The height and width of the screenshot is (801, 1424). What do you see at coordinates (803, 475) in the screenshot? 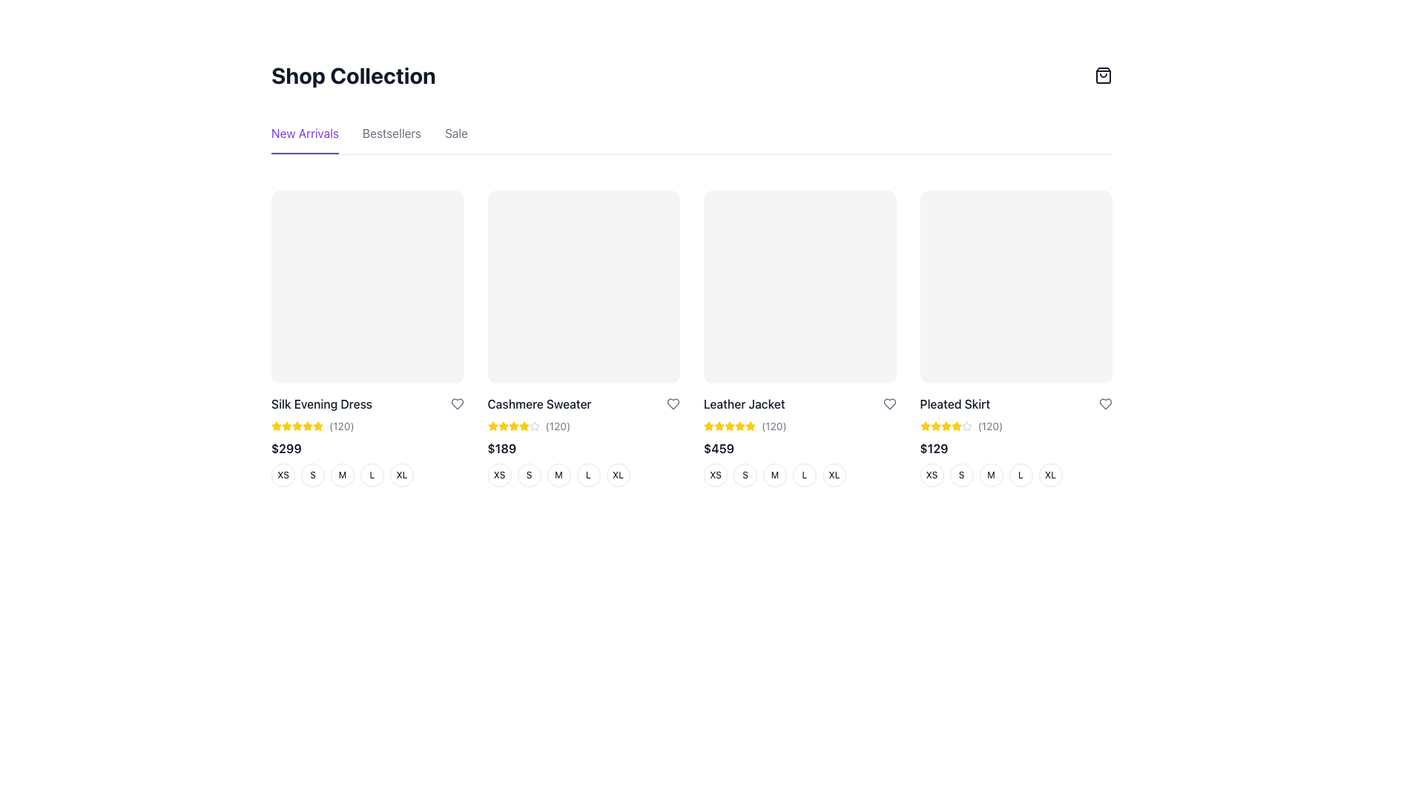
I see `the selectable size option button labeled 'L'` at bounding box center [803, 475].